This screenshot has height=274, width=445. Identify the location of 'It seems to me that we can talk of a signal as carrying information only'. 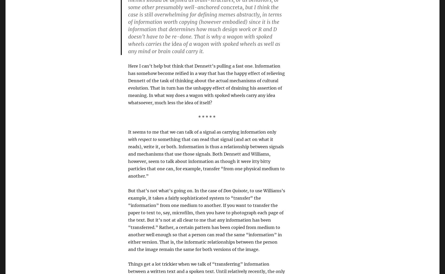
(202, 132).